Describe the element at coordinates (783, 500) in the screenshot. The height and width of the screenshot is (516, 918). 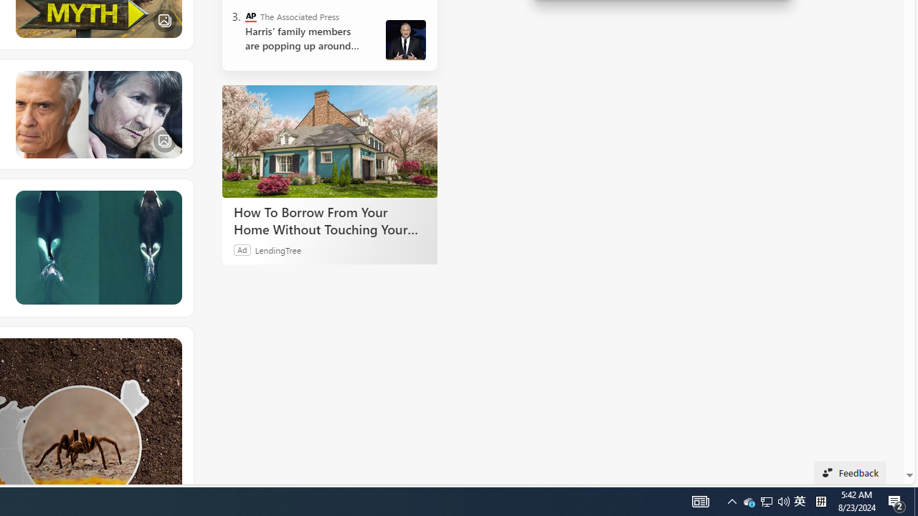
I see `'User Promoted Notification Area'` at that location.